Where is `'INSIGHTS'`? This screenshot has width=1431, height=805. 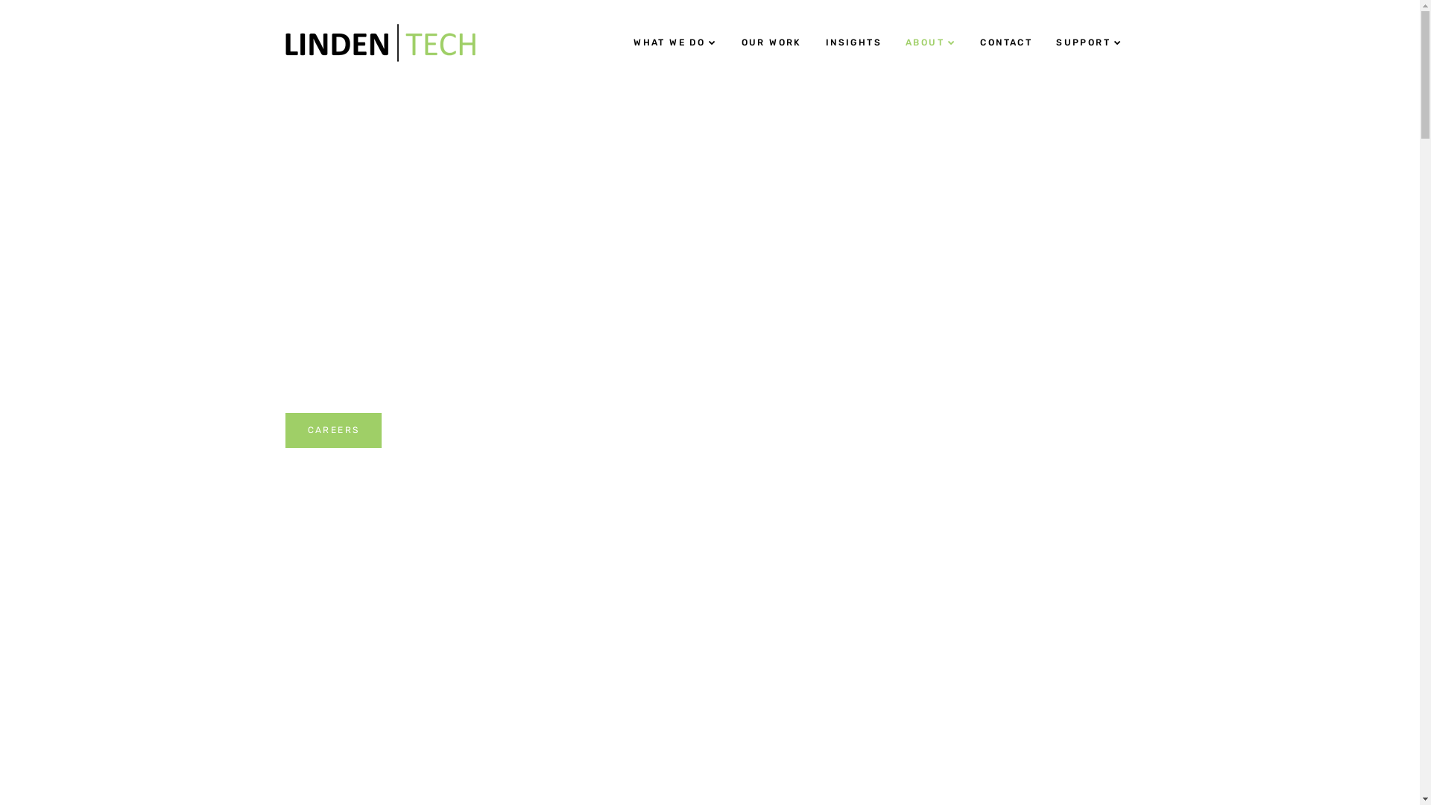
'INSIGHTS' is located at coordinates (812, 42).